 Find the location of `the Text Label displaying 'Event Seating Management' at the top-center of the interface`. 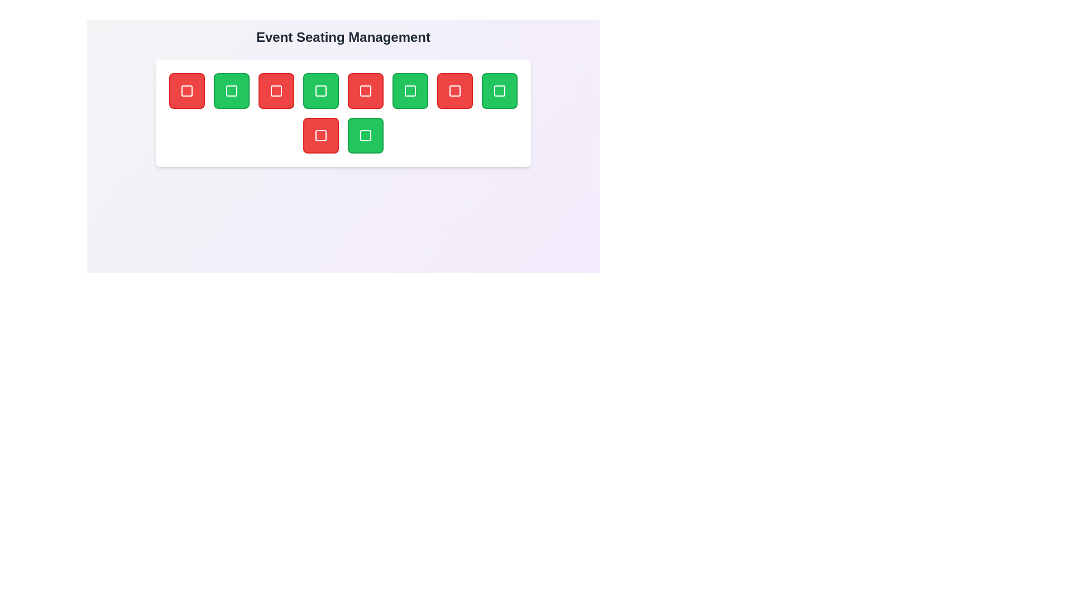

the Text Label displaying 'Event Seating Management' at the top-center of the interface is located at coordinates (342, 36).